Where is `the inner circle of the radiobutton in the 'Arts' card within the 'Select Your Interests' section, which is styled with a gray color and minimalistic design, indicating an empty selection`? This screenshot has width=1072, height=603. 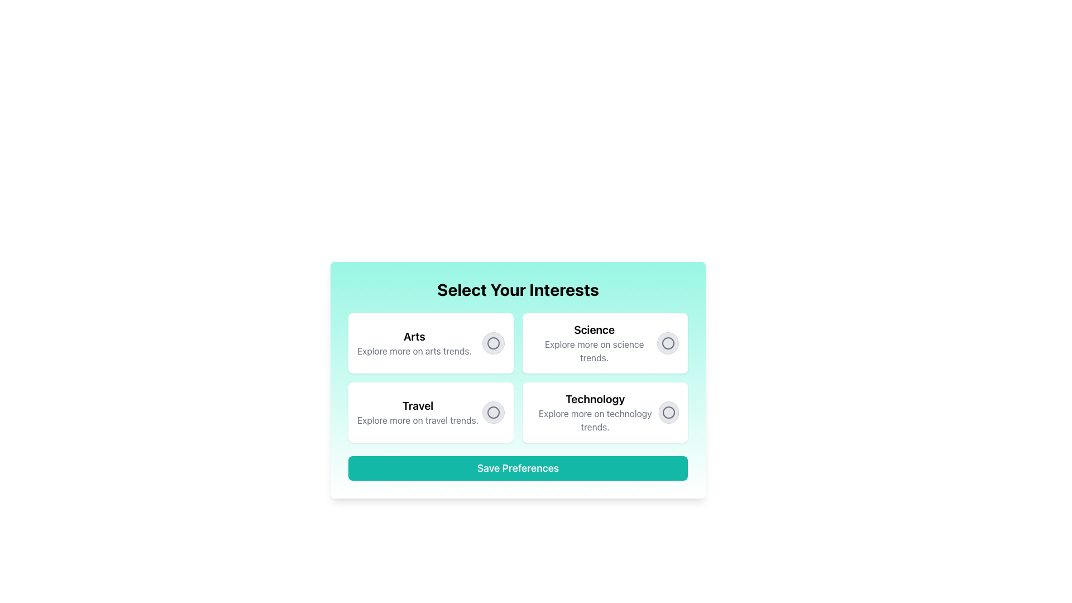
the inner circle of the radiobutton in the 'Arts' card within the 'Select Your Interests' section, which is styled with a gray color and minimalistic design, indicating an empty selection is located at coordinates (492, 342).